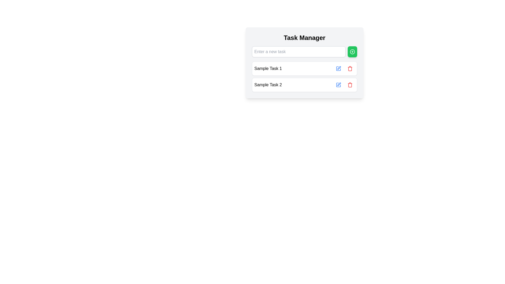  I want to click on the edit action icon located to the left of the red trash bin icon in the second row of the task list for 'Sample Task 2', so click(338, 85).